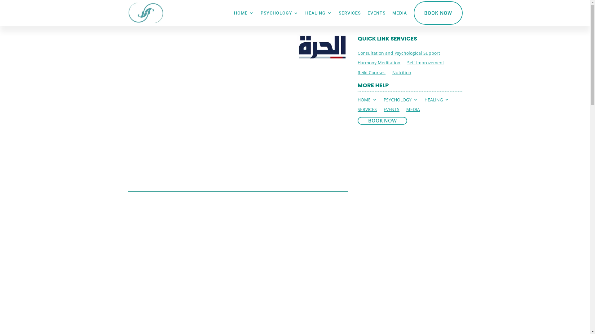  Describe the element at coordinates (367, 101) in the screenshot. I see `'HOME'` at that location.